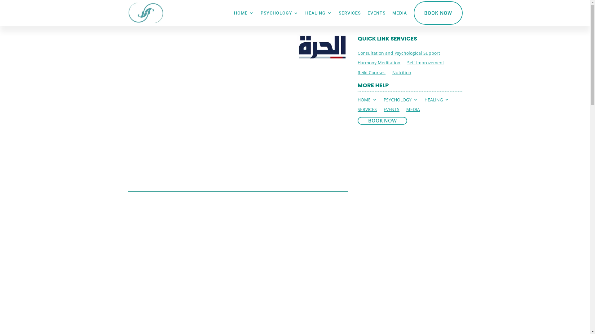  Describe the element at coordinates (367, 101) in the screenshot. I see `'HOME'` at that location.